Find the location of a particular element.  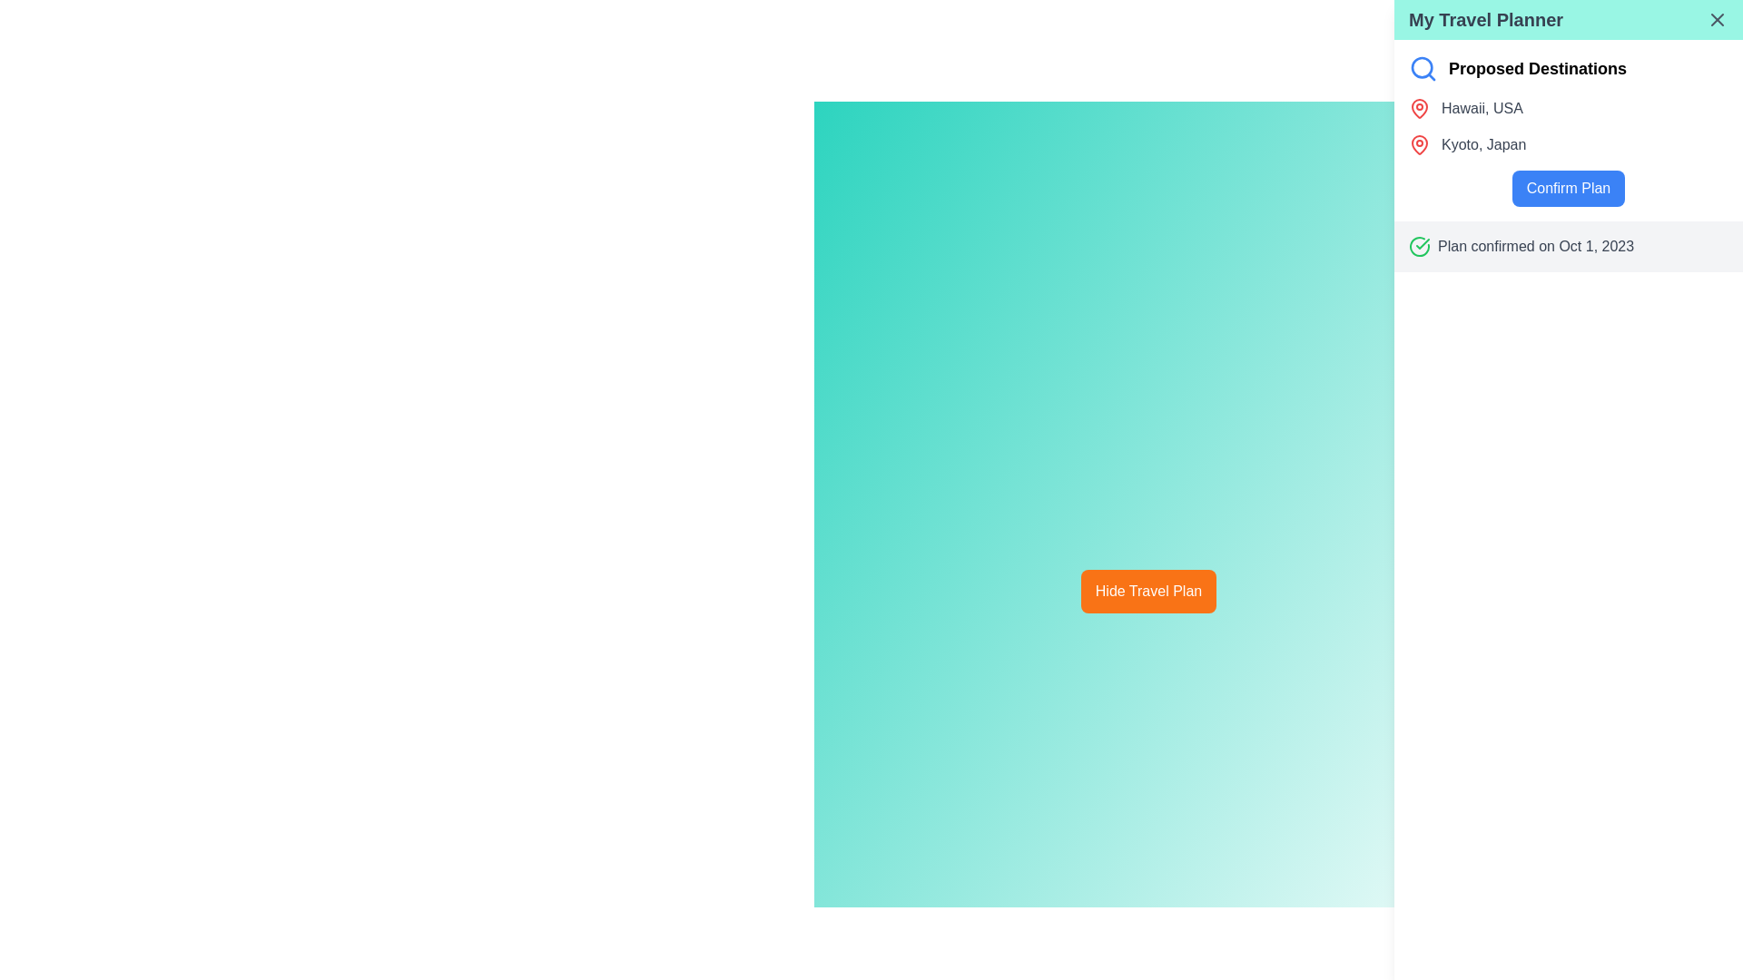

the green circular icon with a checkmark located next to the text 'Plan confirmed on Oct 1, 2023' in the right sidebar is located at coordinates (1419, 247).